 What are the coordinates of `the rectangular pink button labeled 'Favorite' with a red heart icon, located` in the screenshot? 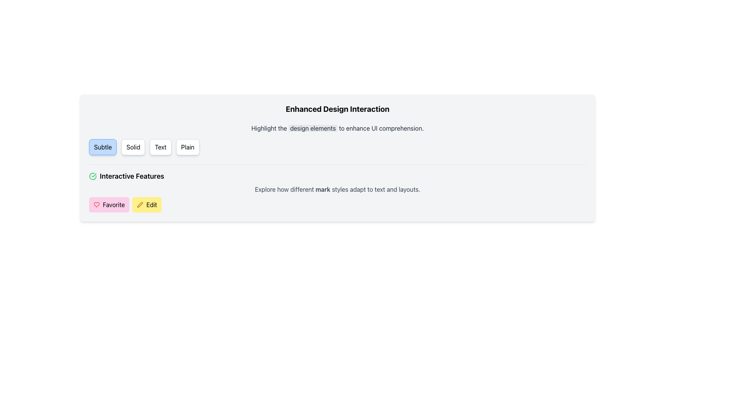 It's located at (109, 204).